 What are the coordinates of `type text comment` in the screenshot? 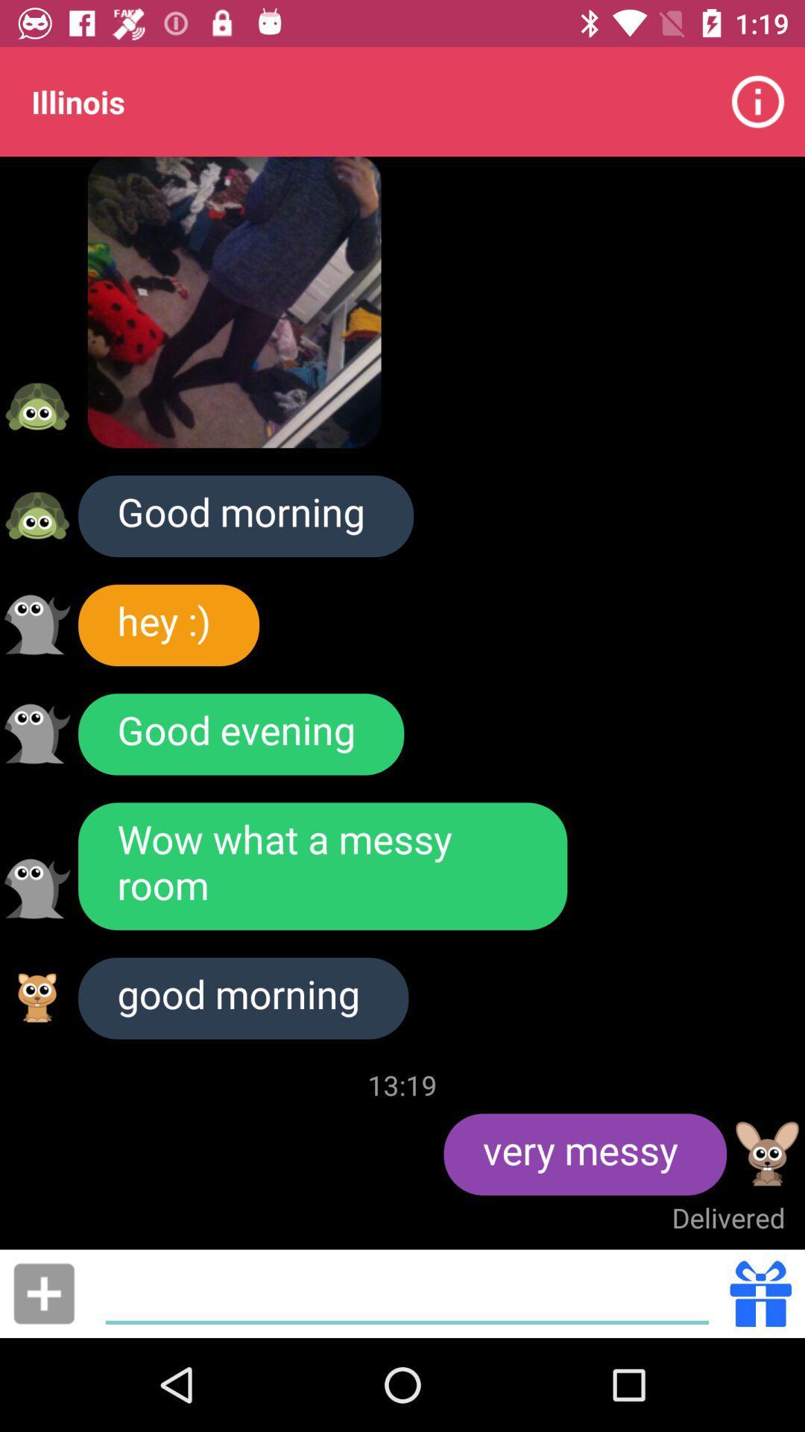 It's located at (407, 1293).